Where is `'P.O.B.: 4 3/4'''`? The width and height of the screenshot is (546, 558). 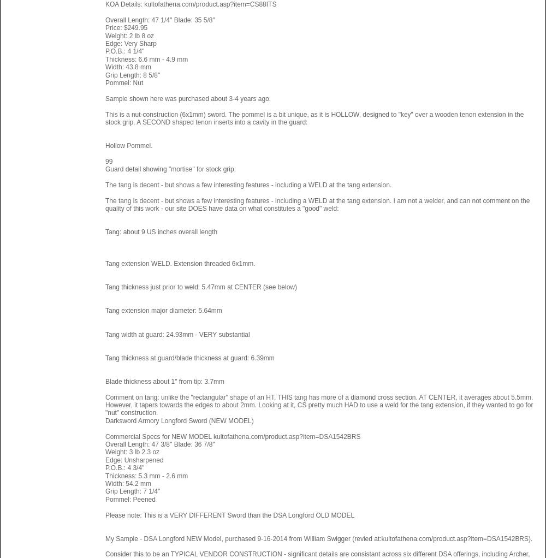
'P.O.B.: 4 3/4''' is located at coordinates (105, 468).